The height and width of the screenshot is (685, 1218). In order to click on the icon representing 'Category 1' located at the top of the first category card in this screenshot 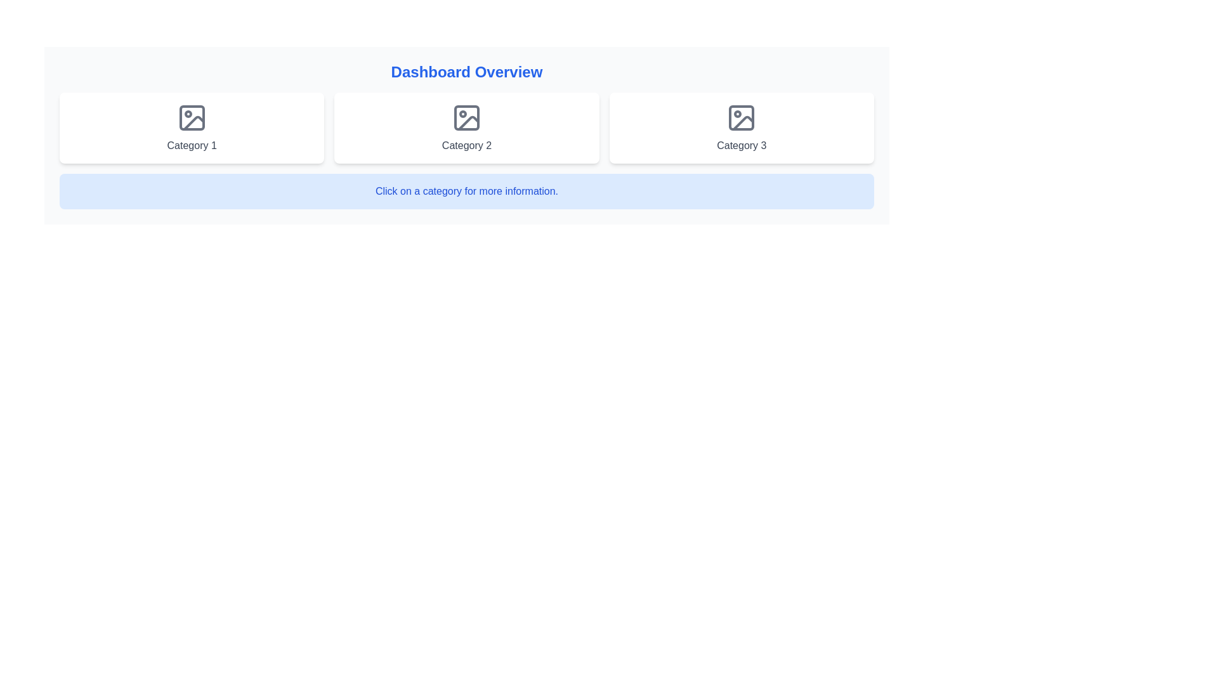, I will do `click(191, 117)`.